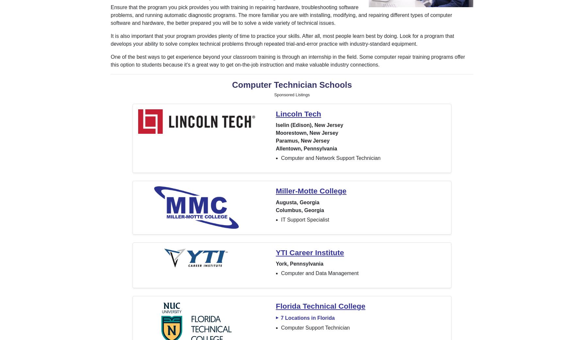 This screenshot has width=584, height=340. What do you see at coordinates (287, 60) in the screenshot?
I see `'One of the best ways to get experience beyond your classroom training is through an internship in the field. Some computer repair training programs offer this option to students because it's a great way to get on-the-job instruction and make valuable industry connections.'` at bounding box center [287, 60].